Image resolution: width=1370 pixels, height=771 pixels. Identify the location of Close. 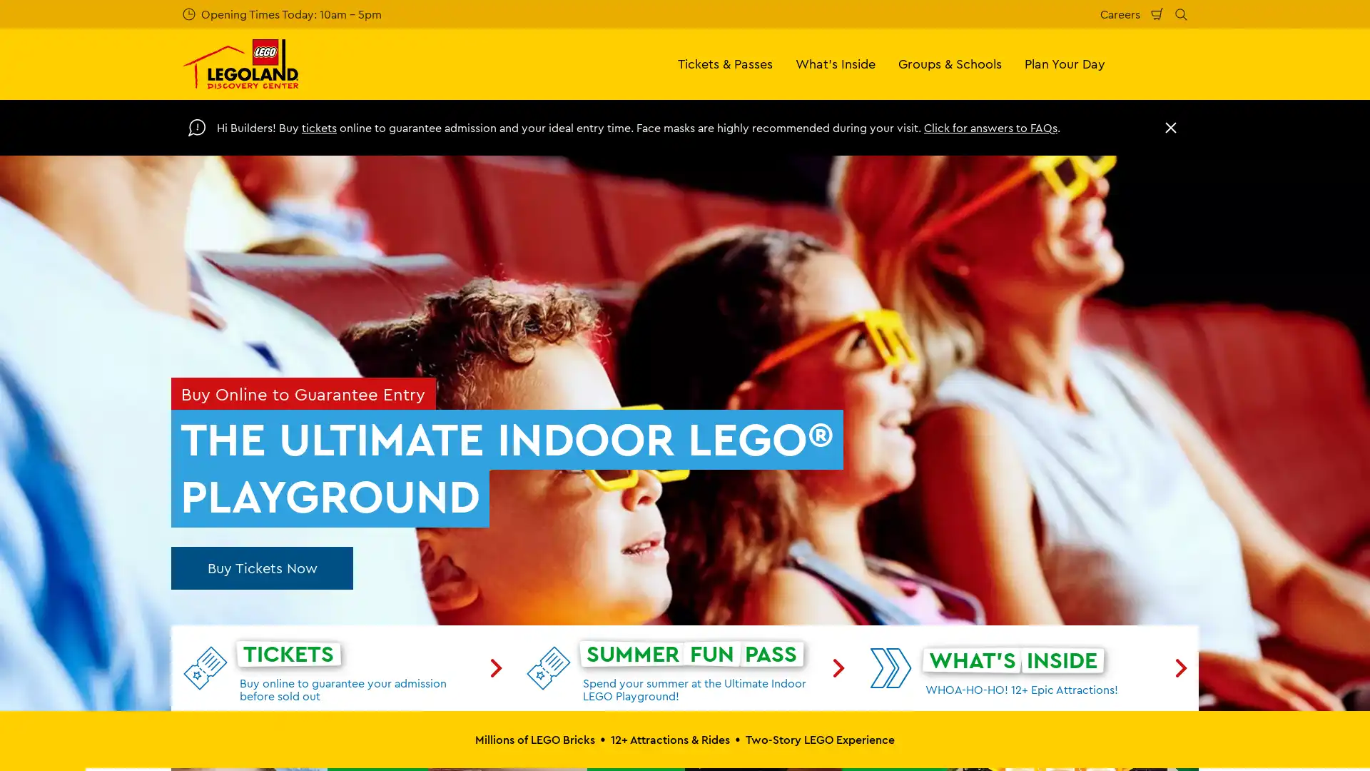
(1171, 126).